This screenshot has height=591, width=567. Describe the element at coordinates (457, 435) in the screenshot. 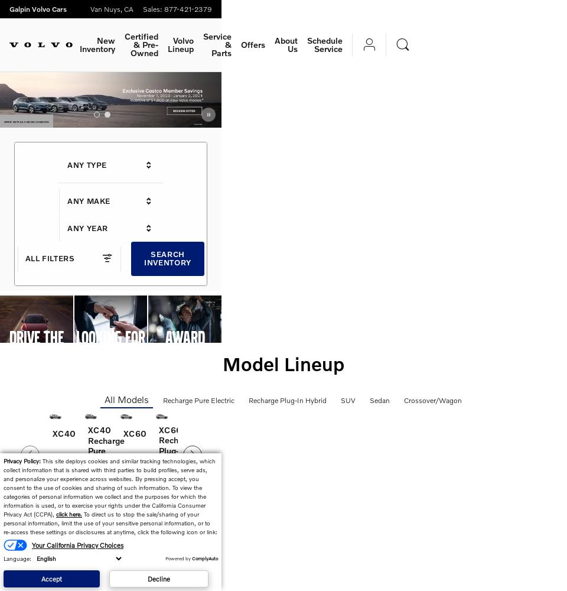

I see `'V60 Cross Country'` at that location.